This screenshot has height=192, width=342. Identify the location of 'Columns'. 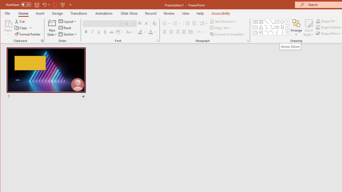
(200, 32).